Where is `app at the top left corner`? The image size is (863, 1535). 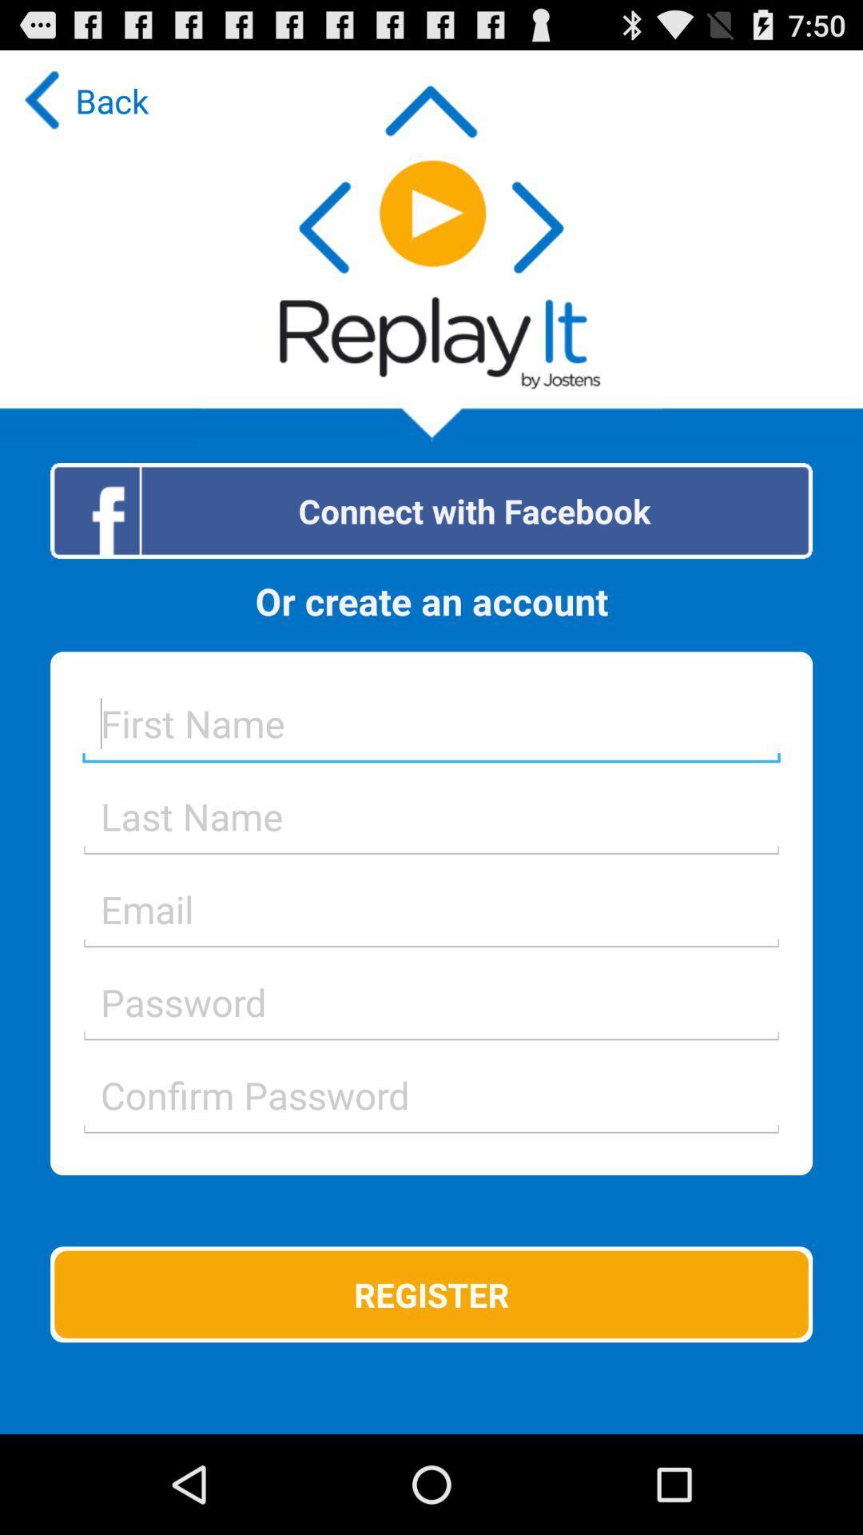
app at the top left corner is located at coordinates (82, 99).